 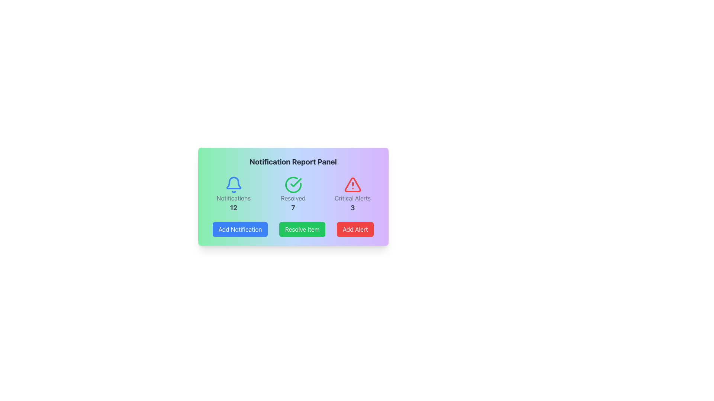 What do you see at coordinates (295, 183) in the screenshot?
I see `the resolved status icon in the notification panel` at bounding box center [295, 183].